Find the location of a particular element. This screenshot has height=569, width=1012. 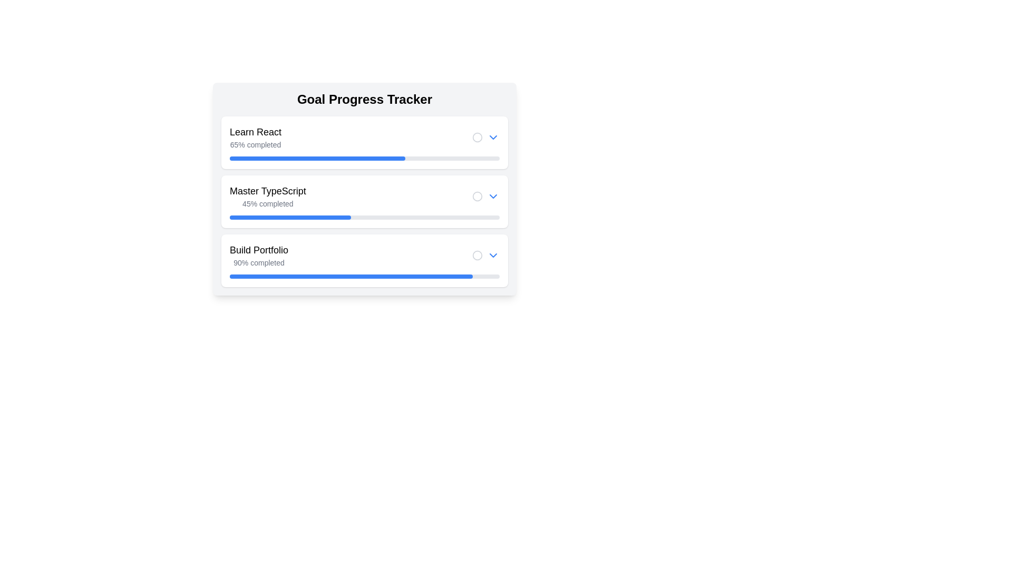

the Progress Tracker Row in the 'Goal Progress Tracker' list is located at coordinates (364, 188).